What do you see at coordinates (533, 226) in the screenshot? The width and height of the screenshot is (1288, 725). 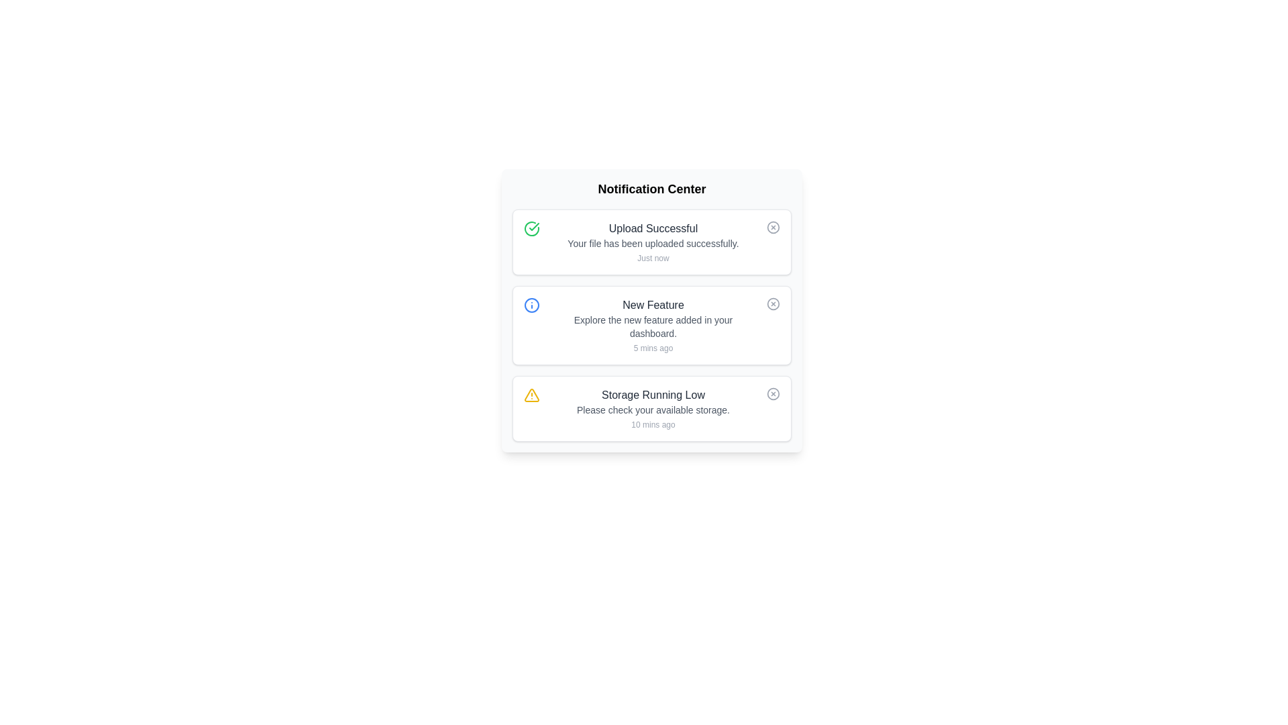 I see `the checkmark icon inside the circular graphic of the first notification titled 'Upload Successful' in the Notification Center panel` at bounding box center [533, 226].